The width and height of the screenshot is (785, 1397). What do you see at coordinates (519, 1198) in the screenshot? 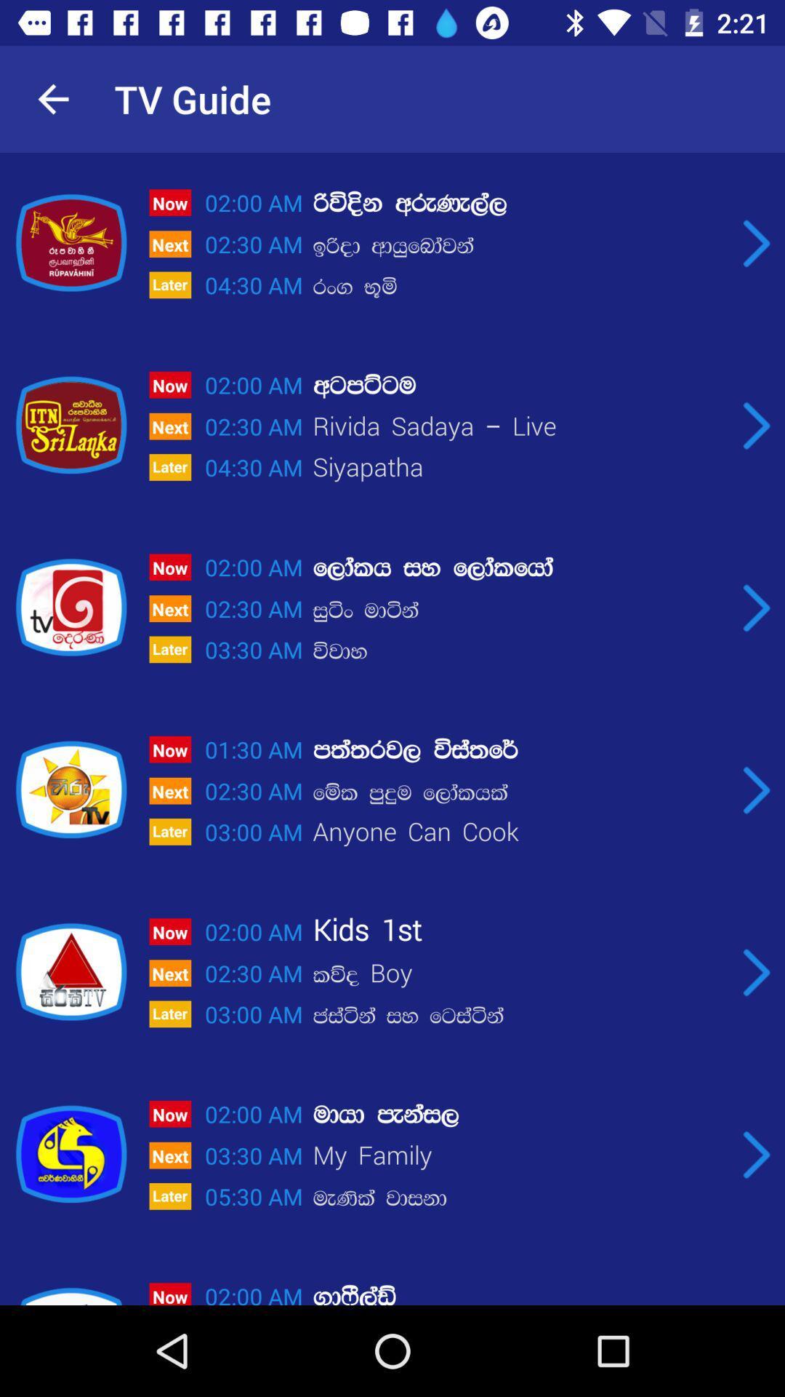
I see `item to the right of 03:30 am item` at bounding box center [519, 1198].